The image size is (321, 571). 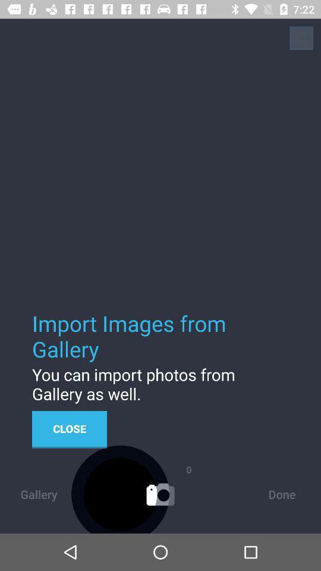 What do you see at coordinates (301, 38) in the screenshot?
I see `switch camera` at bounding box center [301, 38].